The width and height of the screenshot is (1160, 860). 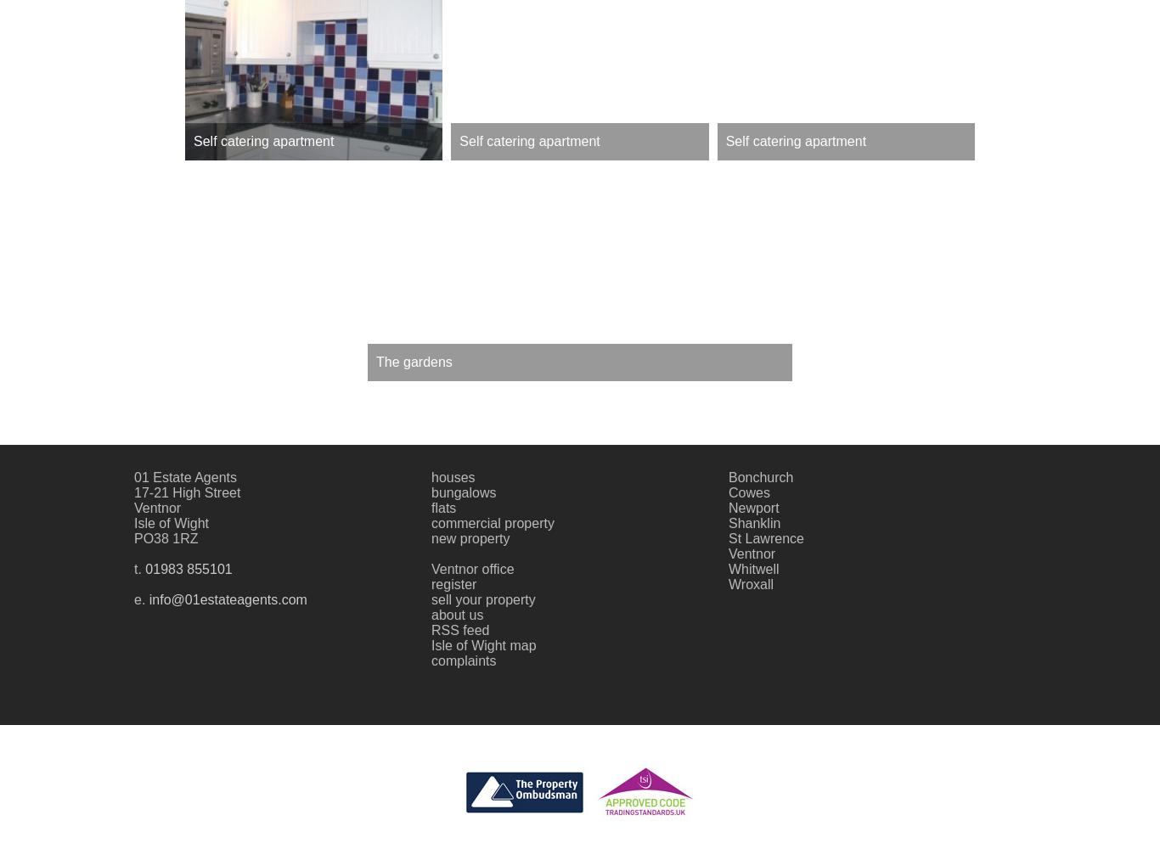 I want to click on 'e.', so click(x=140, y=598).